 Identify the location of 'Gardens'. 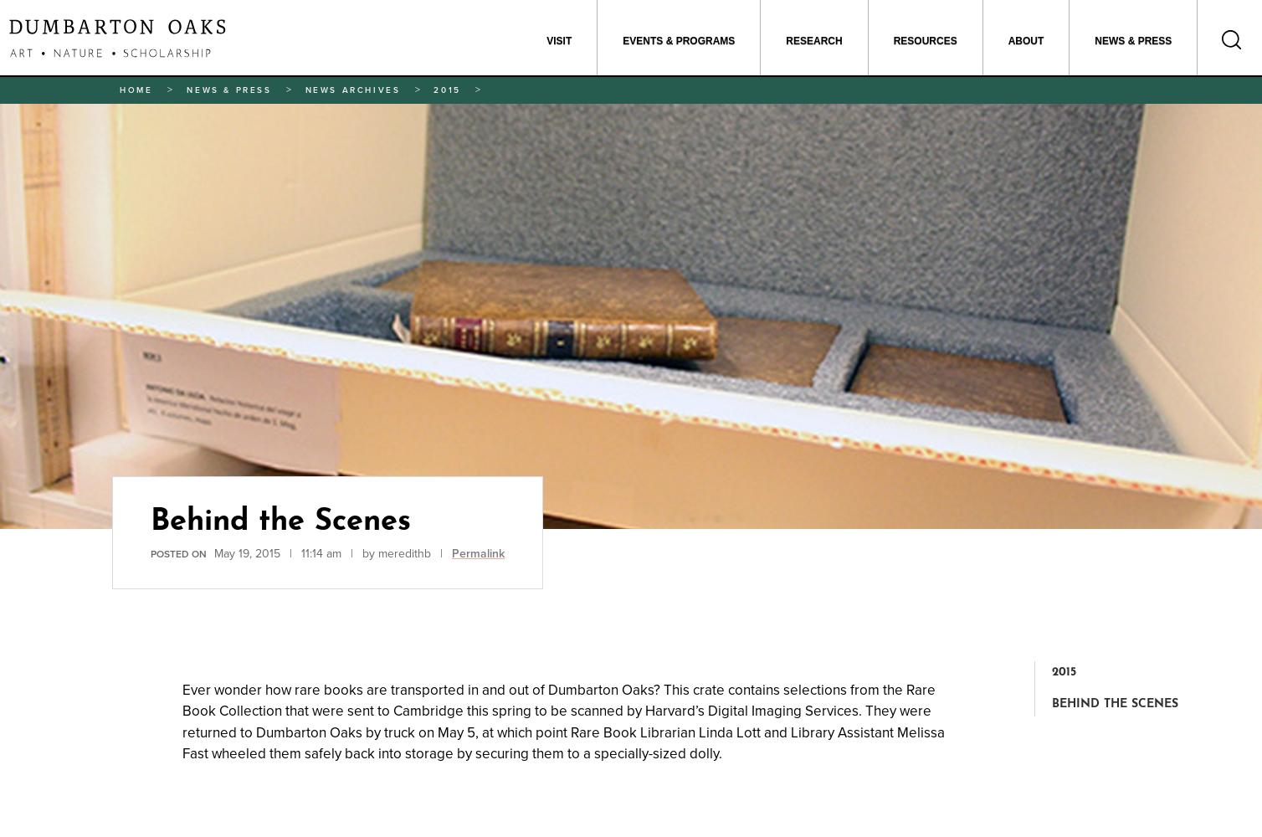
(641, 103).